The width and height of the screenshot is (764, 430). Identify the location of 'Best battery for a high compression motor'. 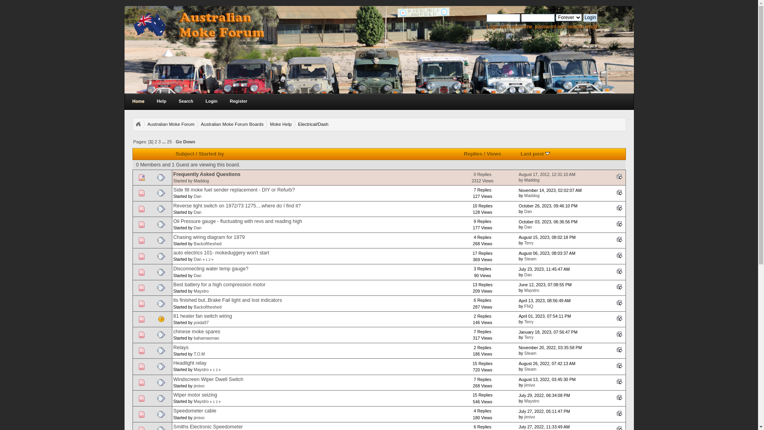
(219, 284).